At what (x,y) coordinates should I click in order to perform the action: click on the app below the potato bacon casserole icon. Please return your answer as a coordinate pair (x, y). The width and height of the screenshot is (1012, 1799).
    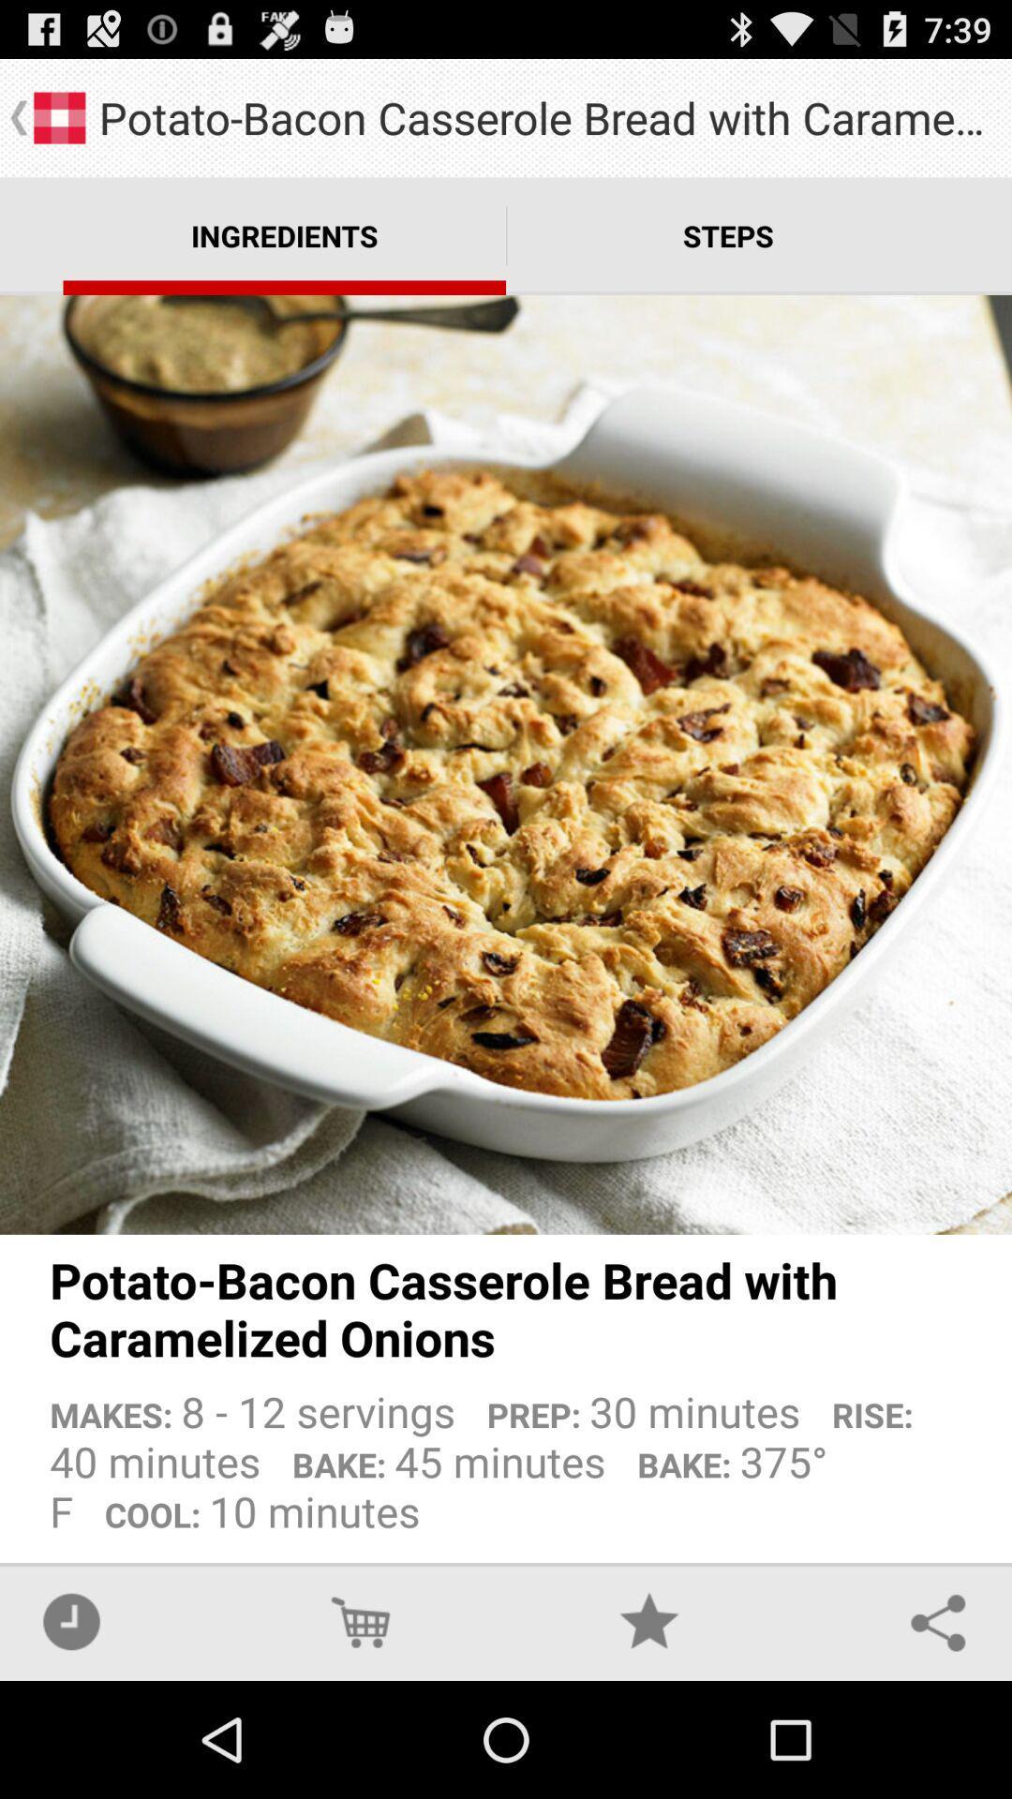
    Looking at the image, I should click on (506, 1453).